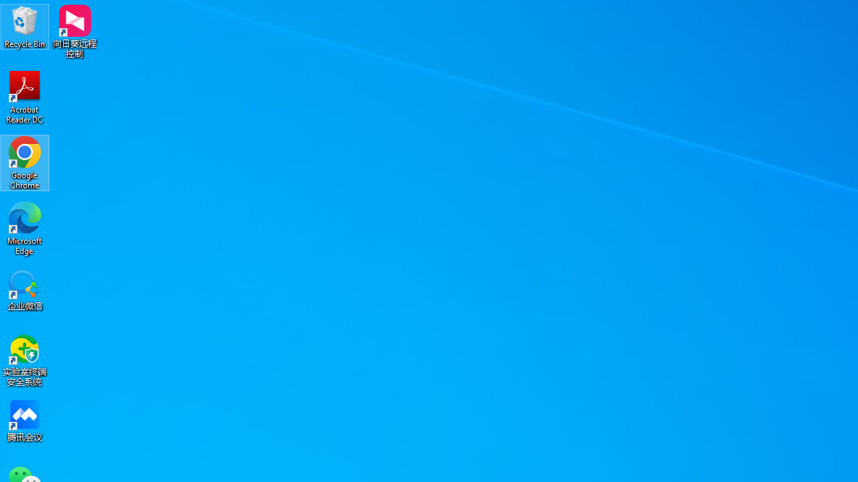 This screenshot has height=482, width=858. Describe the element at coordinates (25, 162) in the screenshot. I see `'Google Chrome'` at that location.